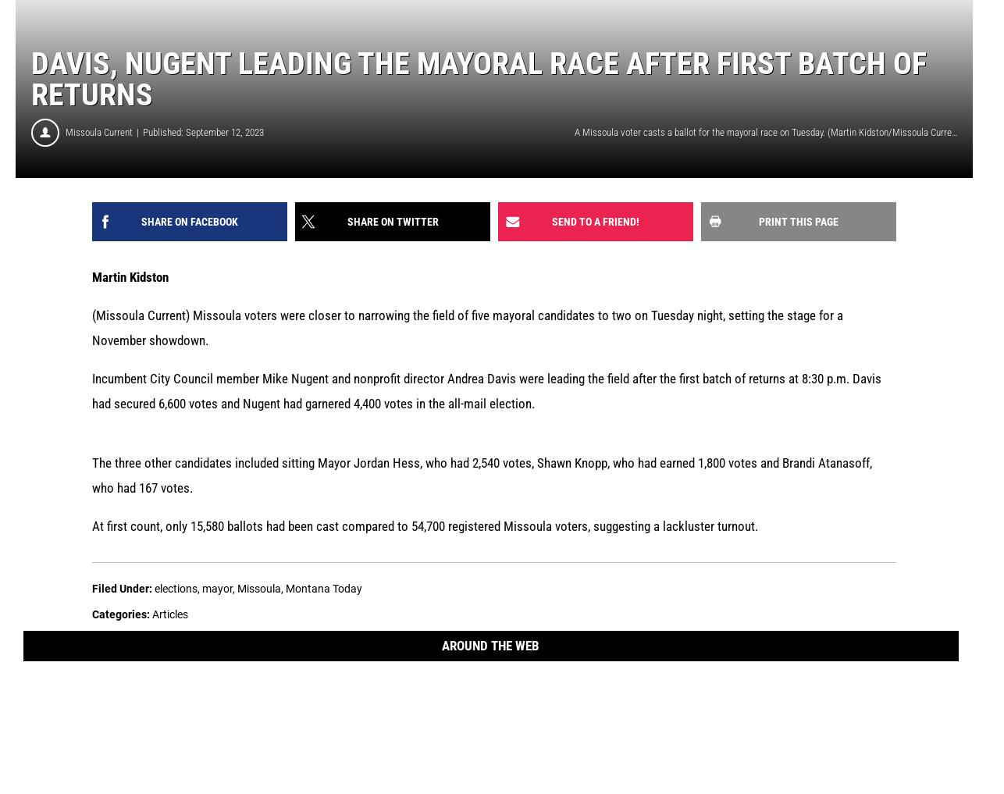 The height and width of the screenshot is (794, 1004). What do you see at coordinates (614, 650) in the screenshot?
I see `'The Missoula Current is a Montana owned and operated news organization founded in 2015 to help fill the void in local journalism, and we’ve been free to read ever since. Your contribution helps us keep it that way and goes far in supporting the best local news coverage in Missoula.'` at bounding box center [614, 650].